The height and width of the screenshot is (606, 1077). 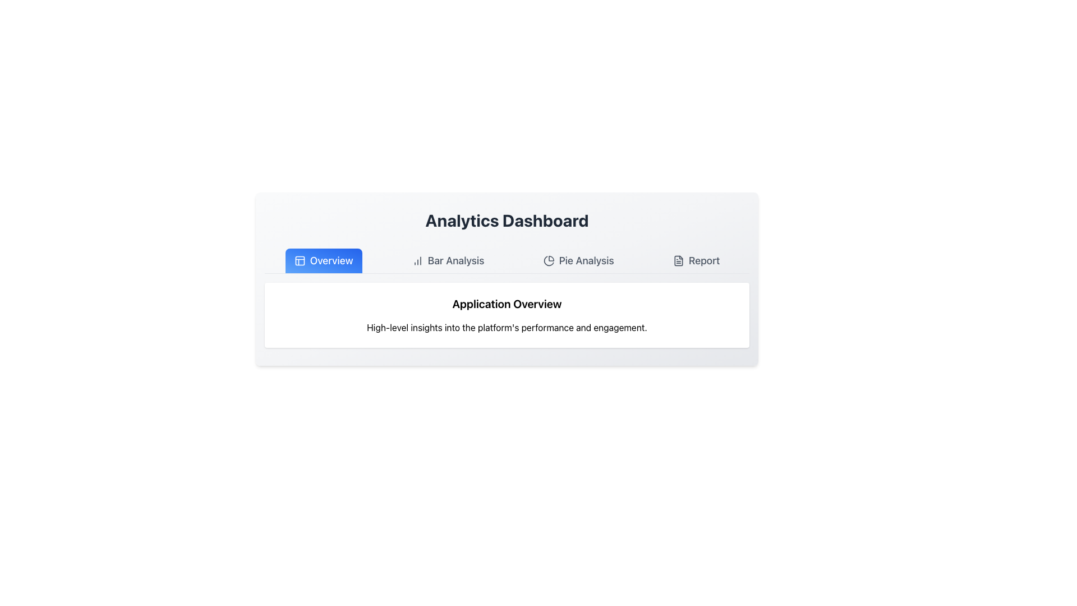 What do you see at coordinates (578, 261) in the screenshot?
I see `the 'Pie Analysis' navigation tab, which is the third tab in the horizontal navigation bar` at bounding box center [578, 261].